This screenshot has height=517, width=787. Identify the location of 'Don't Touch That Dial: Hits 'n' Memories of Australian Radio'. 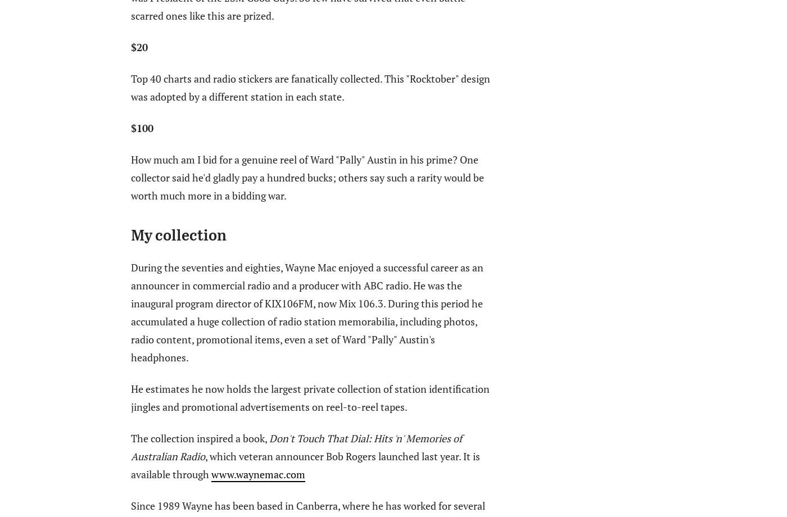
(296, 446).